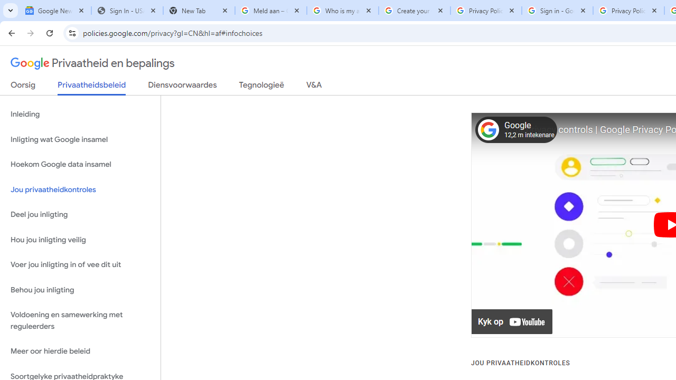  What do you see at coordinates (80, 165) in the screenshot?
I see `'Hoekom Google data insamel'` at bounding box center [80, 165].